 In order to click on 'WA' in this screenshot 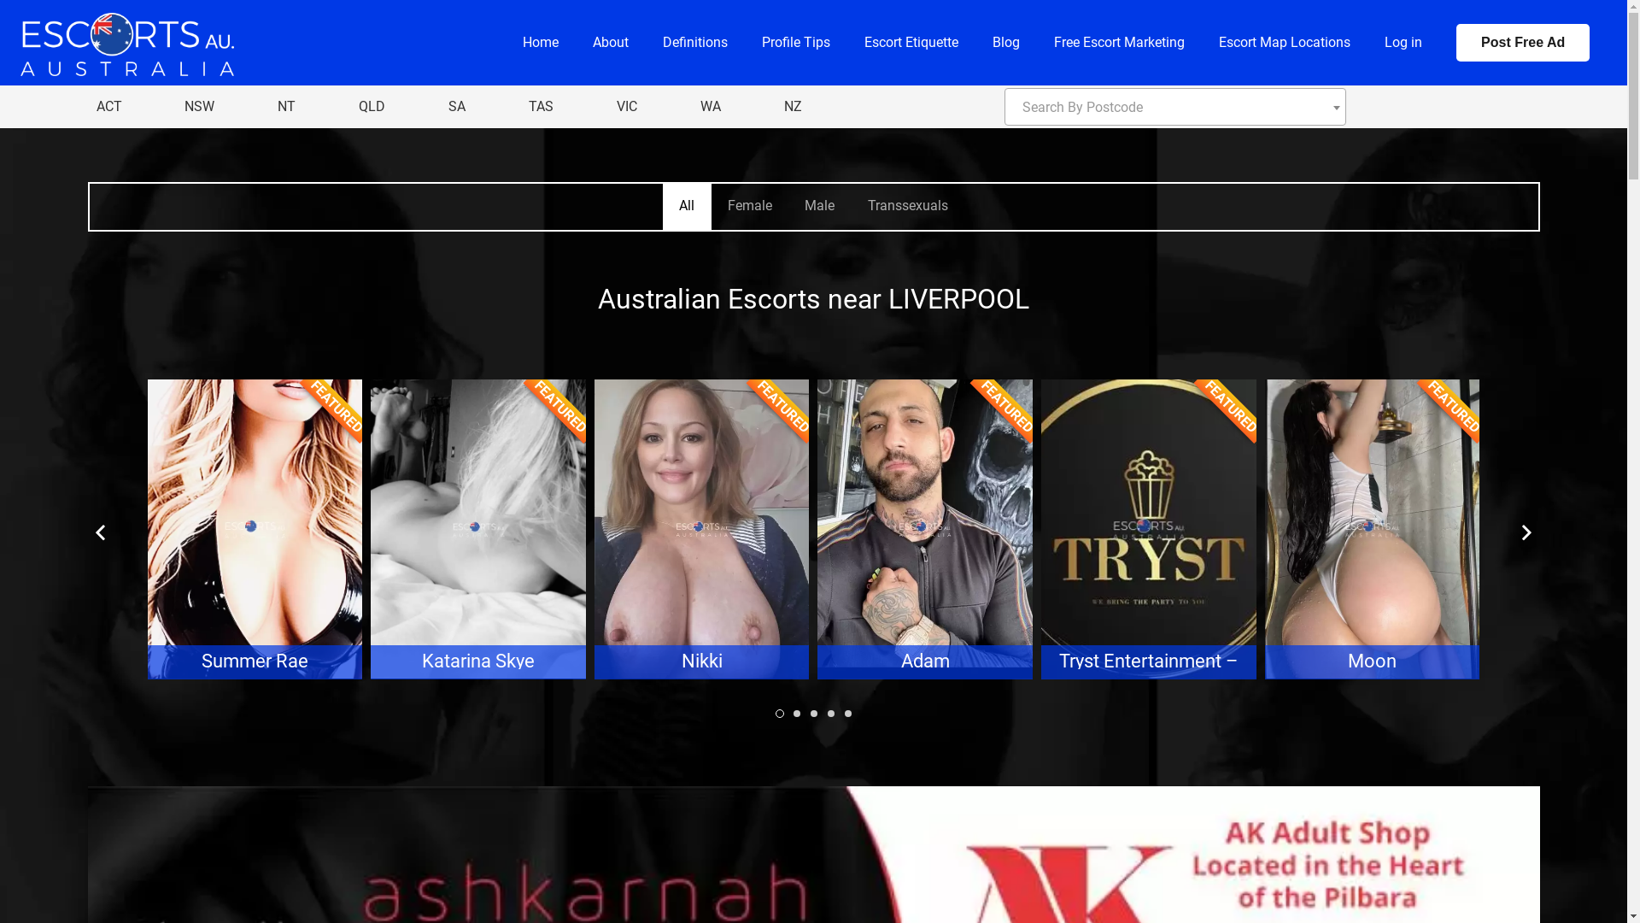, I will do `click(692, 106)`.